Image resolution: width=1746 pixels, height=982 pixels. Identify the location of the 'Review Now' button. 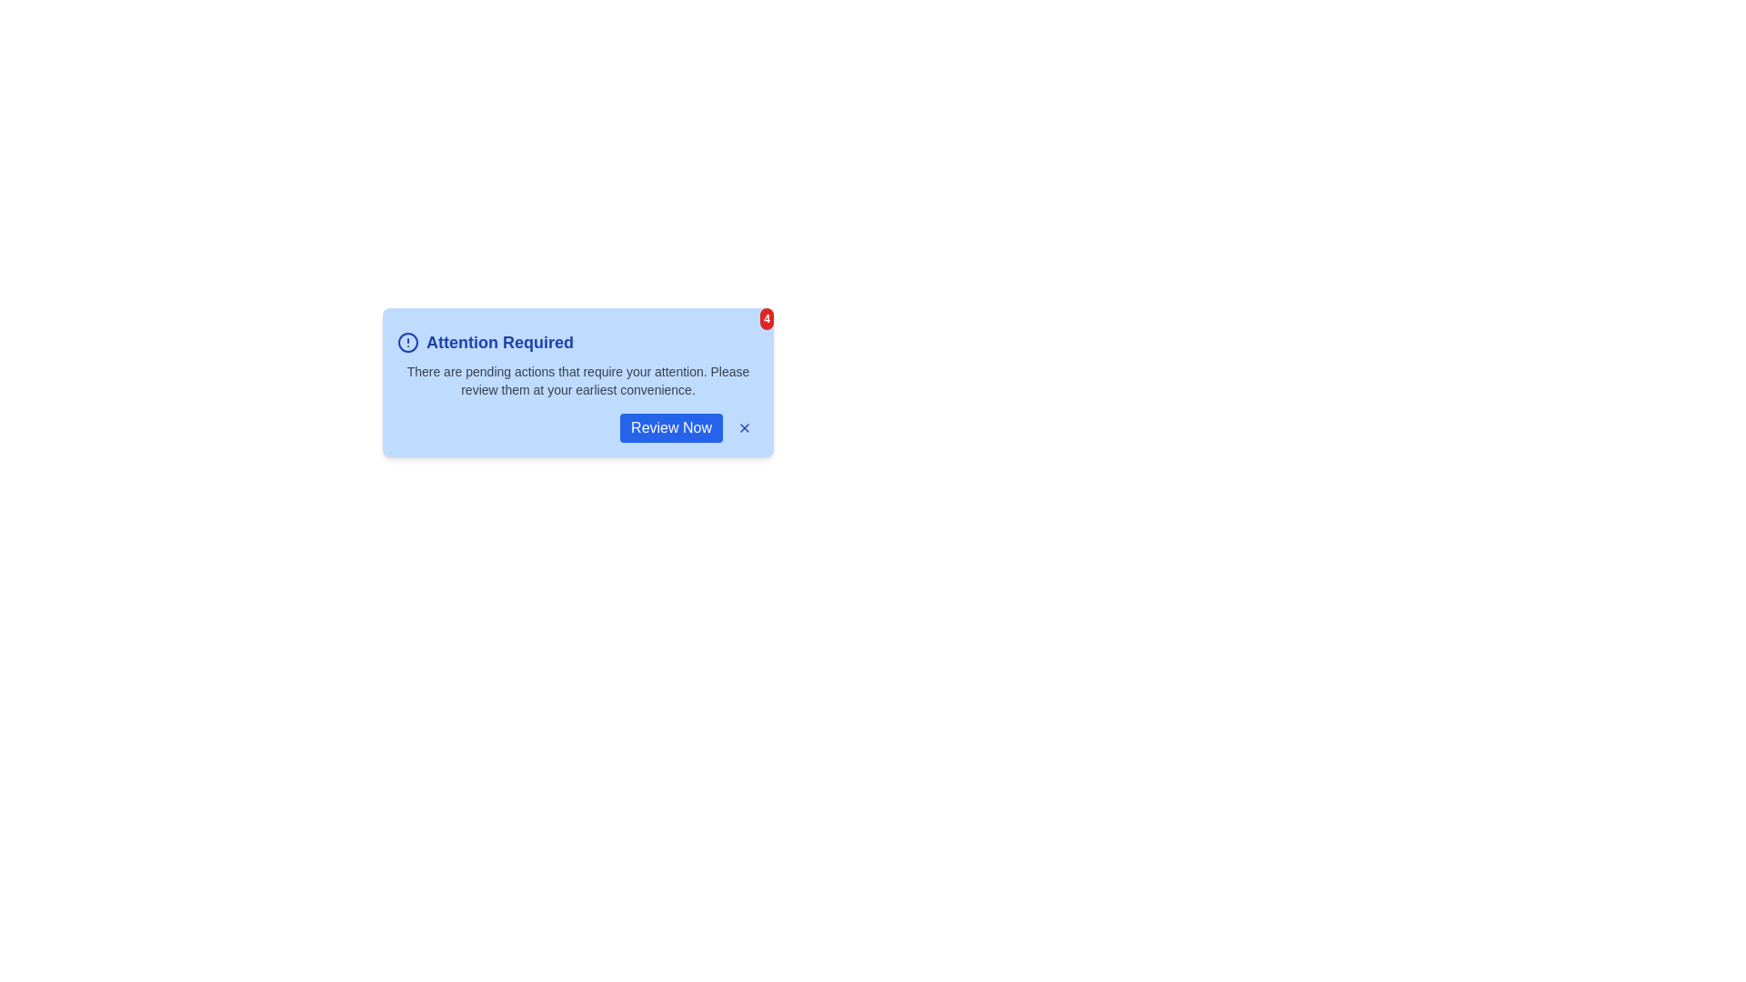
(670, 427).